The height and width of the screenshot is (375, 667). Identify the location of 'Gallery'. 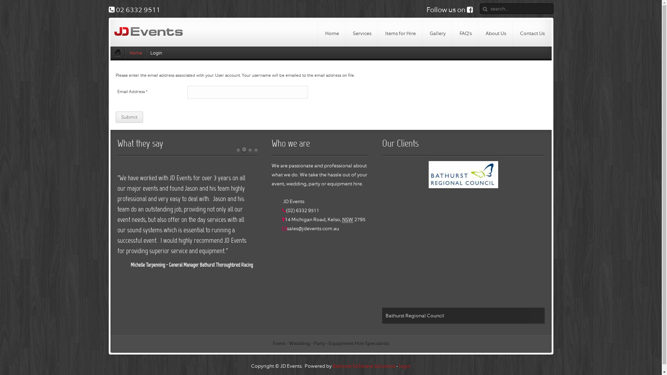
(437, 33).